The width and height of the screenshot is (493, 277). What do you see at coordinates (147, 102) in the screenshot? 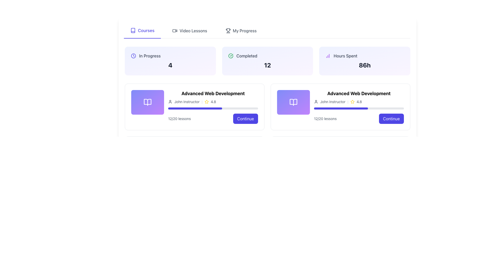
I see `the SVG icon resembling an open book, which is centered in the left card of two horizontally aligned cards with a gradient purple background, to interact with it` at bounding box center [147, 102].